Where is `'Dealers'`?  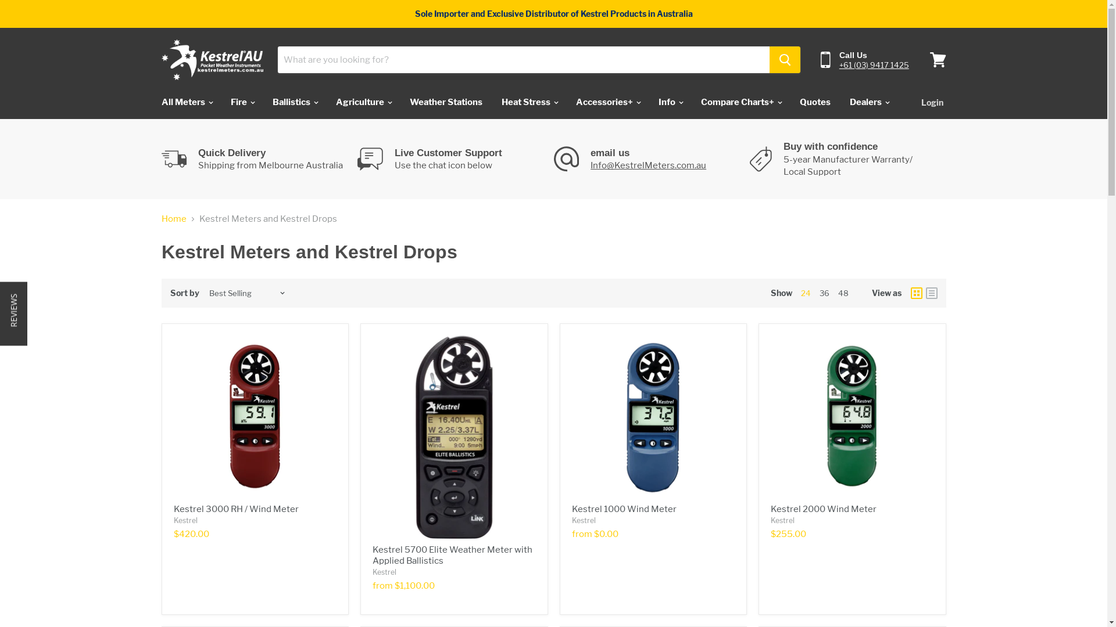 'Dealers' is located at coordinates (868, 102).